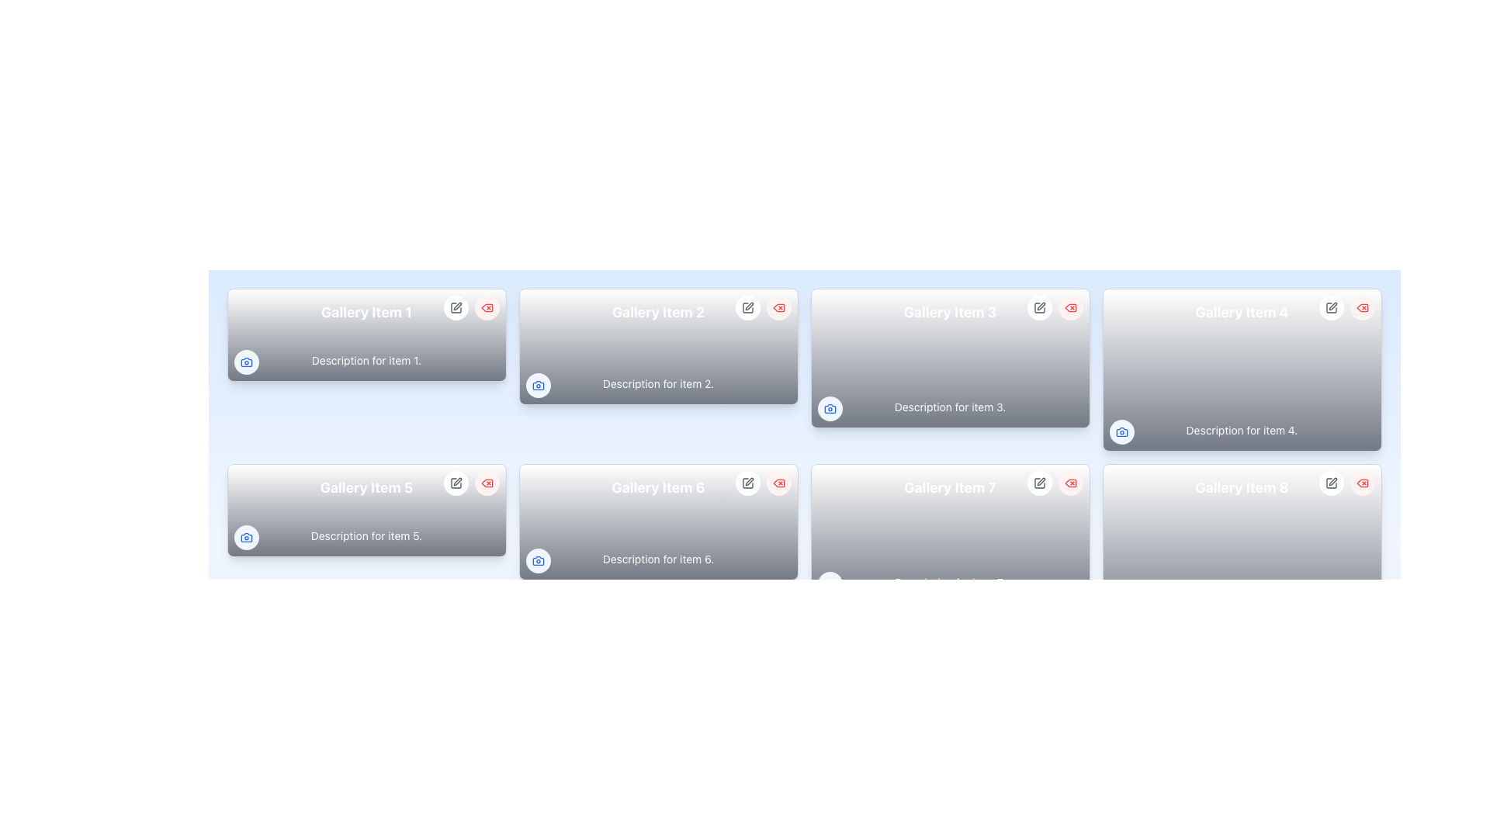  I want to click on the Edit Icon button, which is a small pencil icon inside a rounded button located at the top-right corner of the 'Gallery Item 5' card, to observe the hover effect, so click(455, 483).